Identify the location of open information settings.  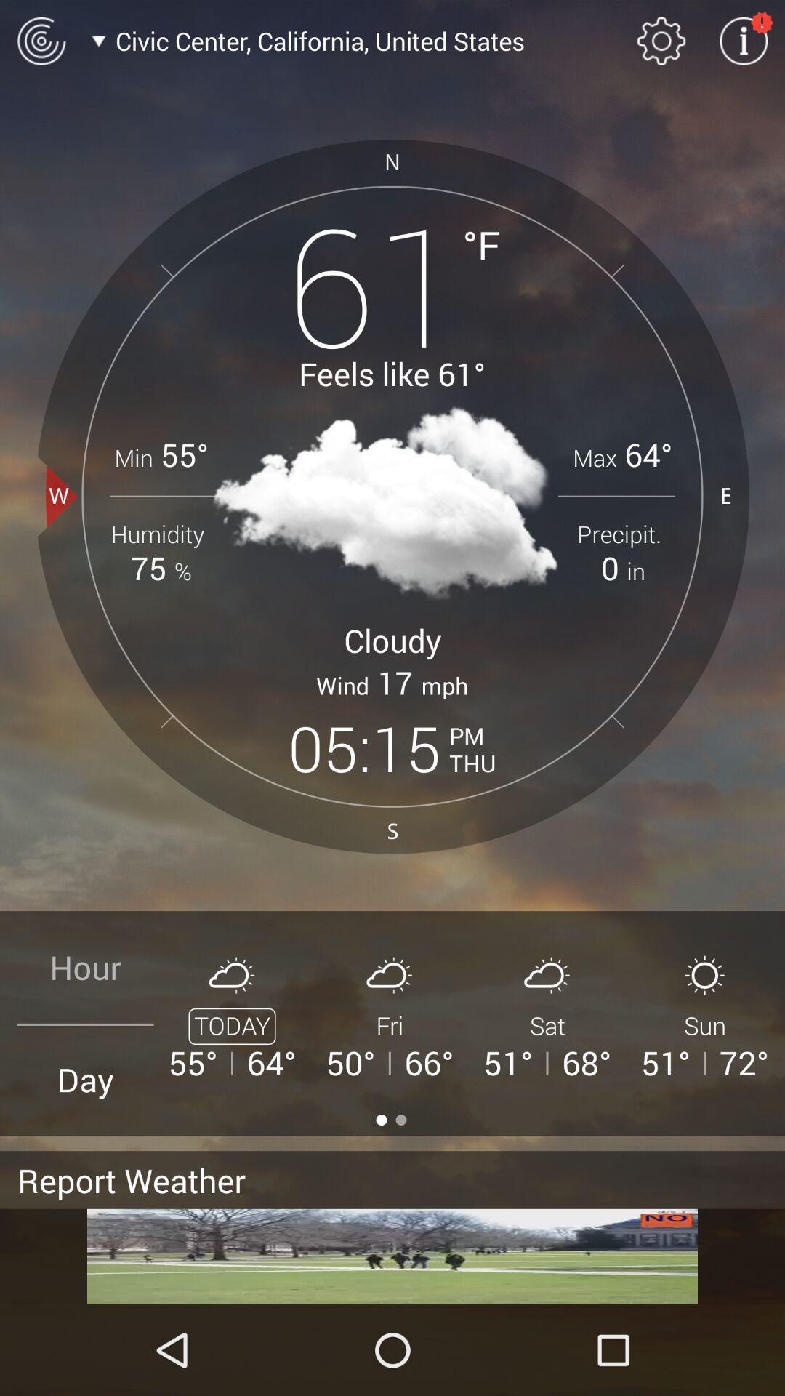
(744, 41).